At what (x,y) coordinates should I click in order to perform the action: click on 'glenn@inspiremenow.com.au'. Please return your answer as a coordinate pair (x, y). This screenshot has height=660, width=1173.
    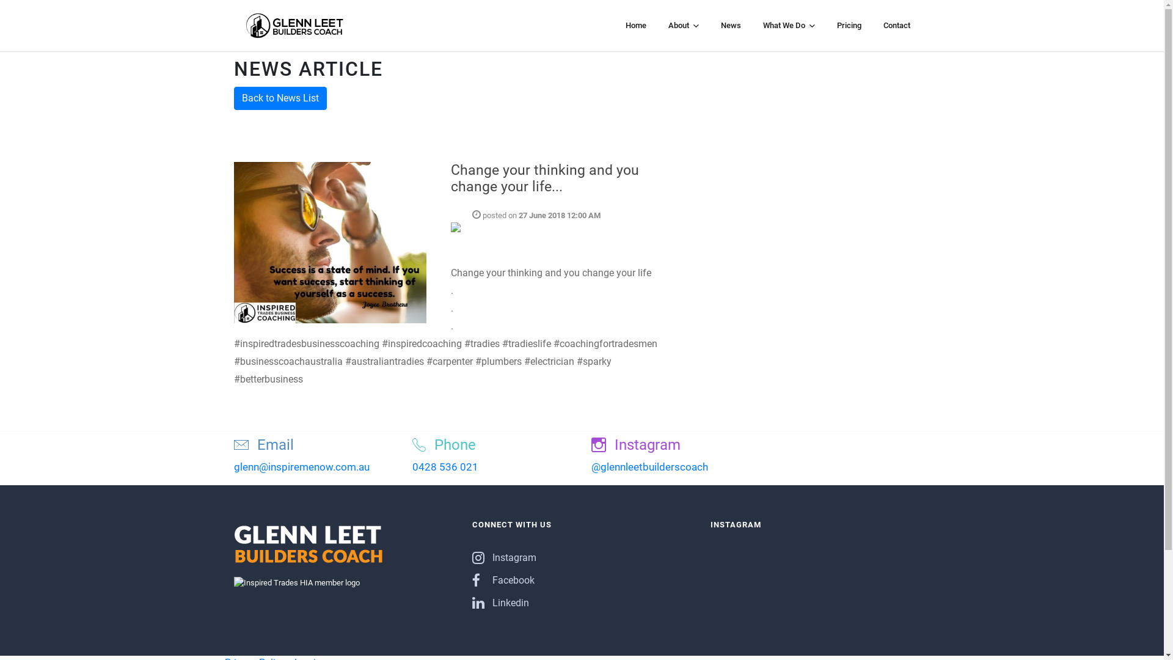
    Looking at the image, I should click on (301, 466).